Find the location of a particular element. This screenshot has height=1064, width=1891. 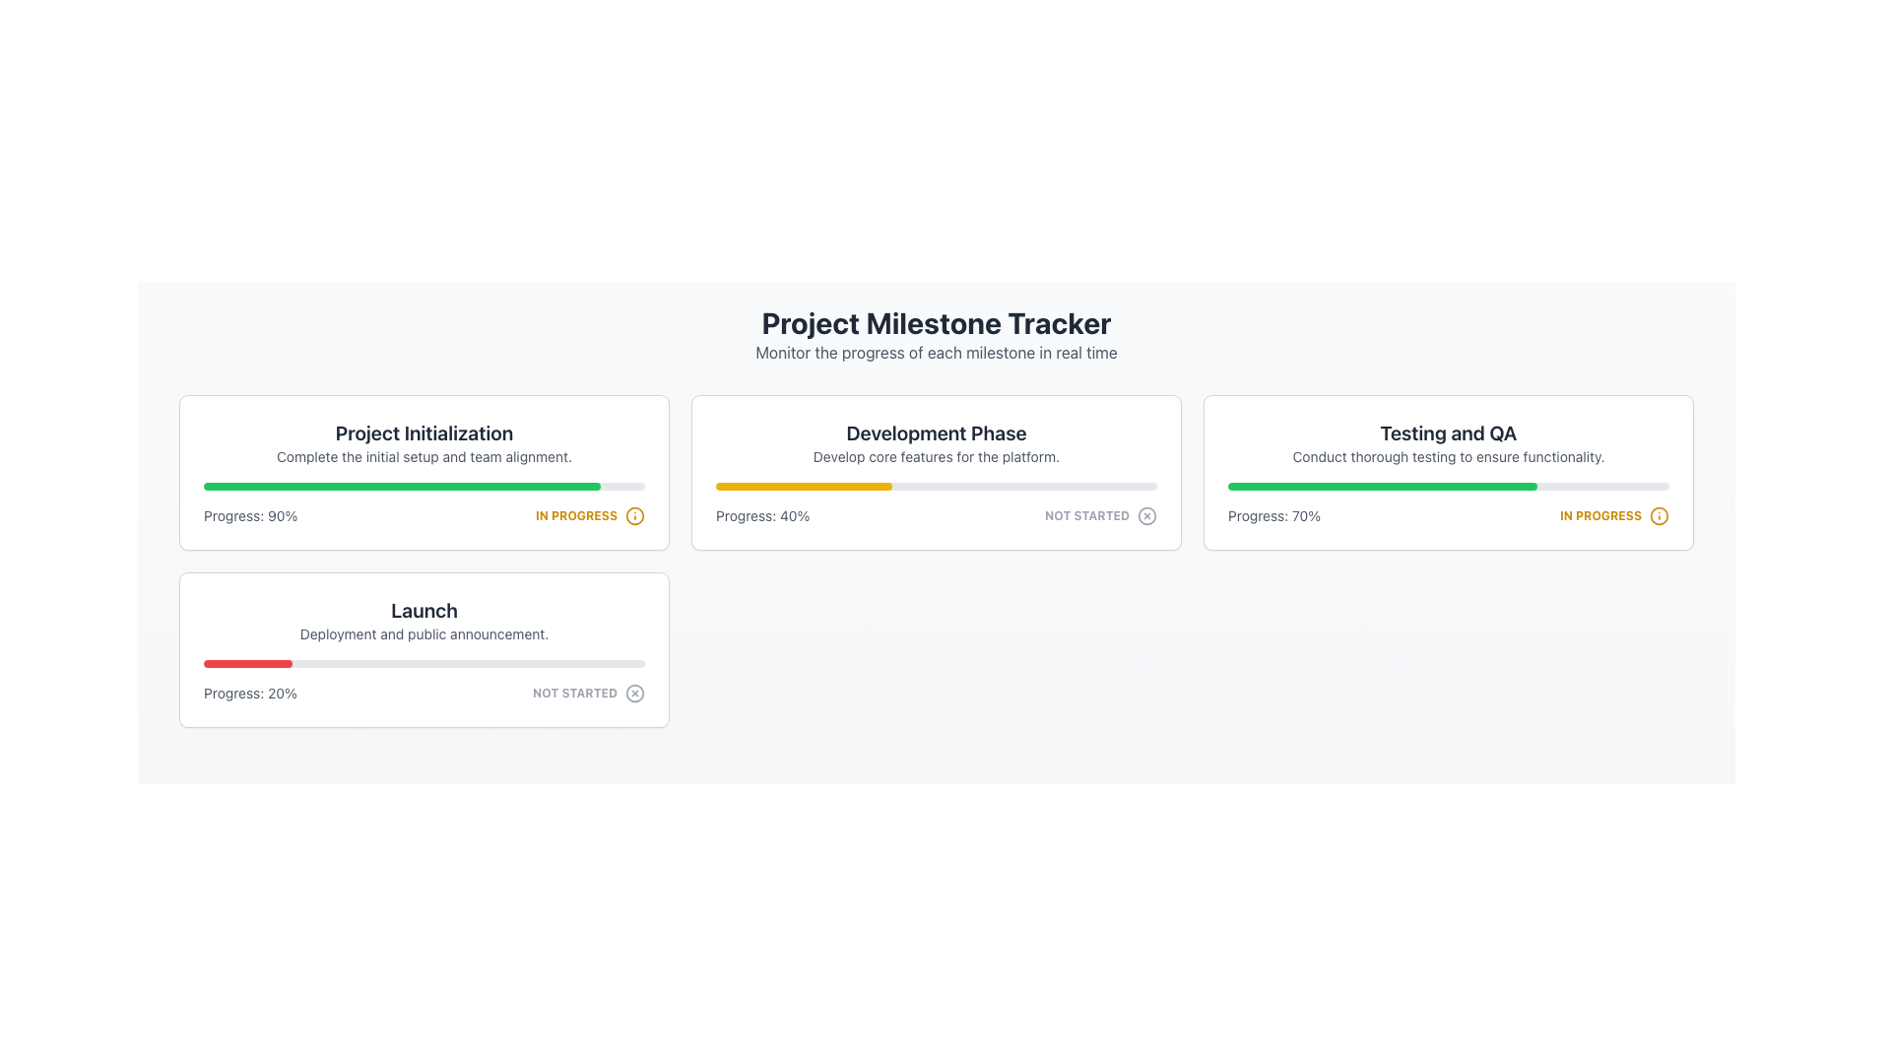

the status display component indicating that the milestone has not yet started, located at the bottom-right area of the 'Launch' milestone box interface section is located at coordinates (588, 693).